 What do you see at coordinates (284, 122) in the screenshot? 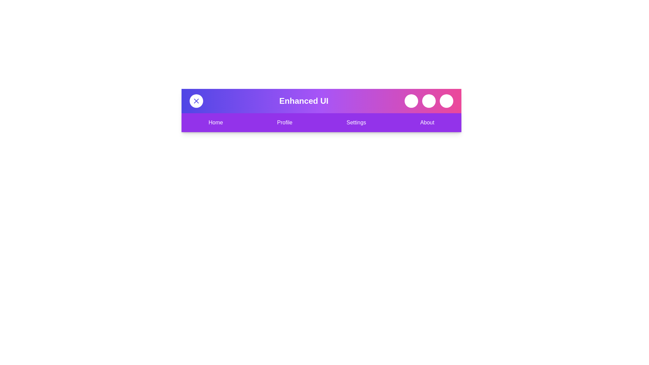
I see `the Profile button` at bounding box center [284, 122].